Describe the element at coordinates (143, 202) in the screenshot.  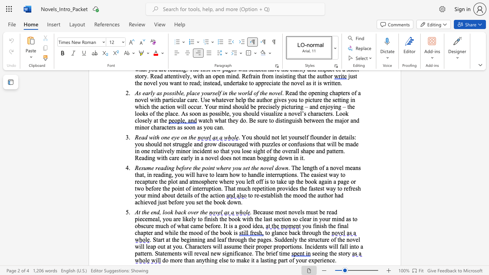
I see `the subset text "ieved just befor" within the text "to re-establish the mood the author had achieved just before you set the book down."` at that location.